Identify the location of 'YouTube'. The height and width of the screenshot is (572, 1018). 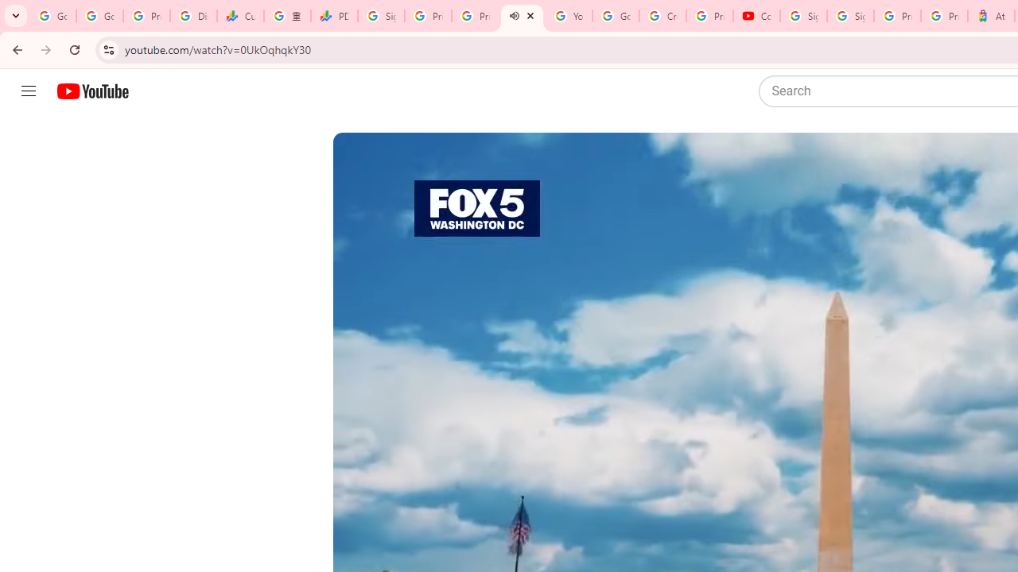
(569, 16).